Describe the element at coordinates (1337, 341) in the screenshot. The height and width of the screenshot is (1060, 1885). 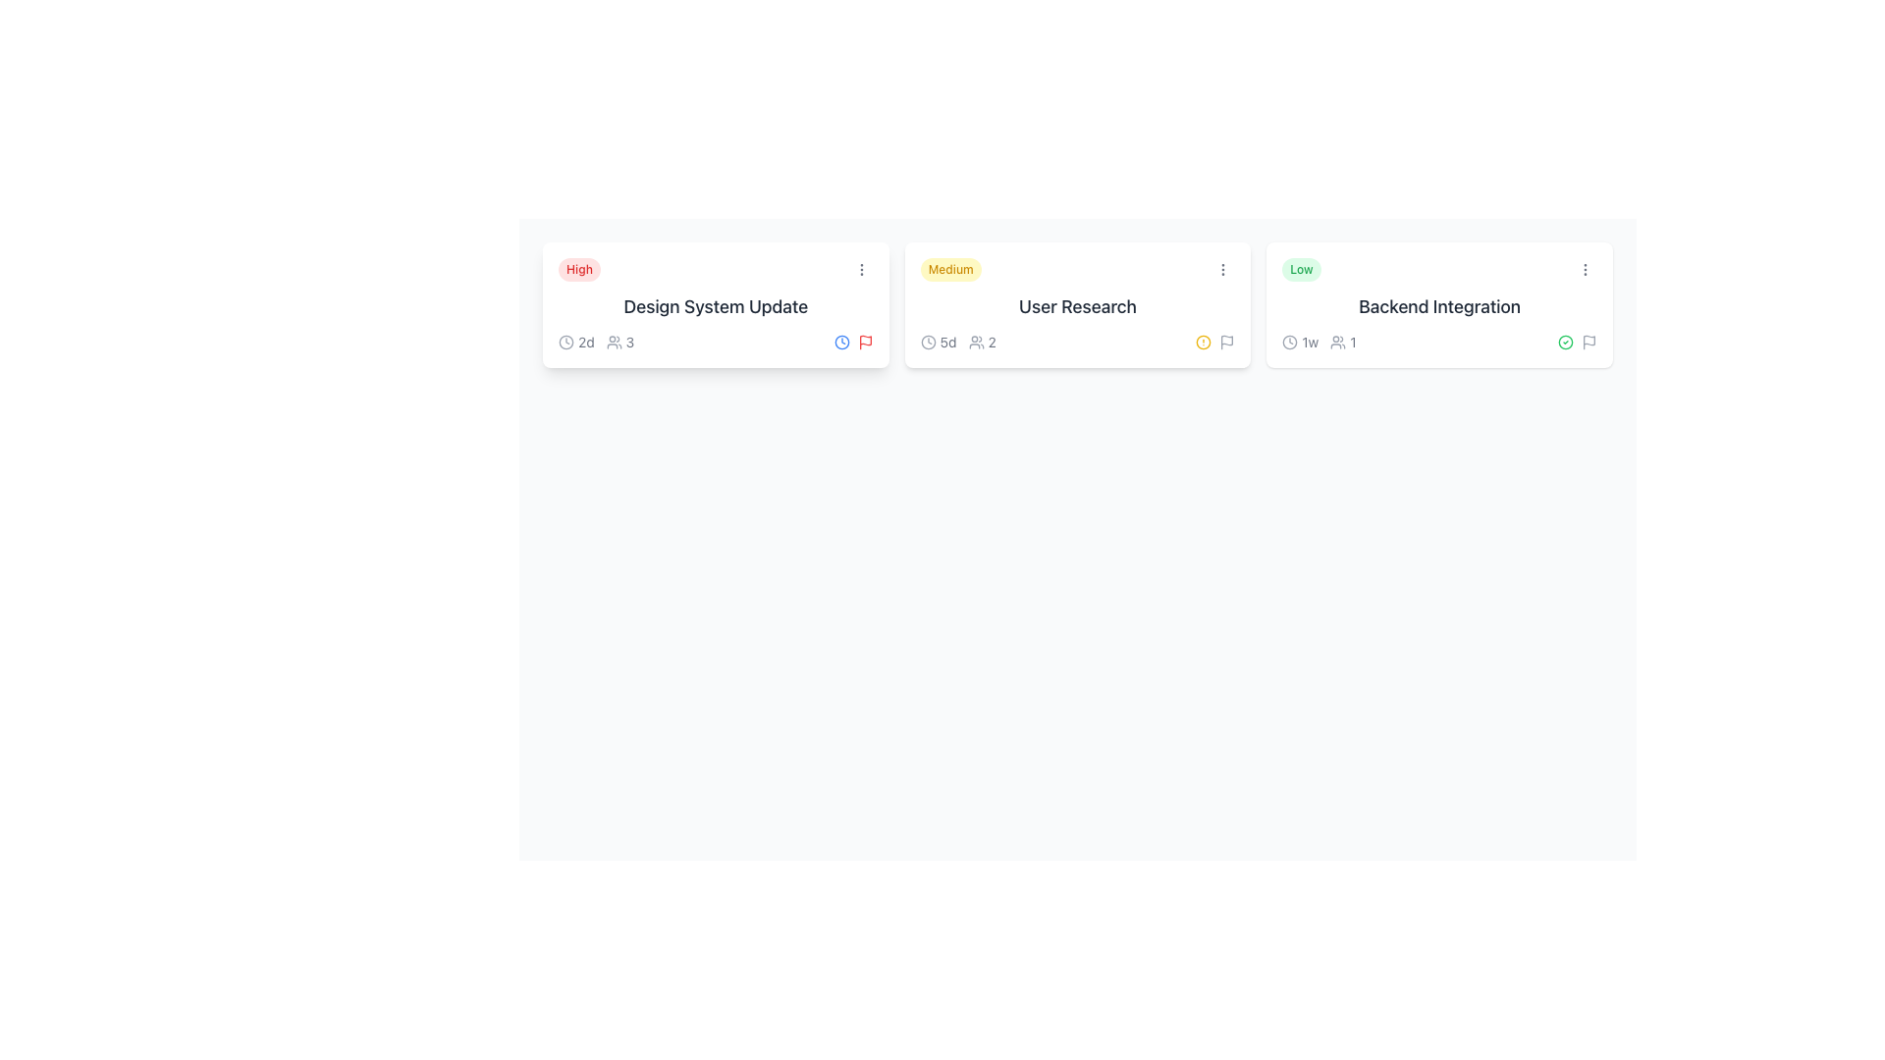
I see `the icon representing a group or individuals located in the last card on the right, positioned near the bottom section of the card, to the left of the number '1'` at that location.